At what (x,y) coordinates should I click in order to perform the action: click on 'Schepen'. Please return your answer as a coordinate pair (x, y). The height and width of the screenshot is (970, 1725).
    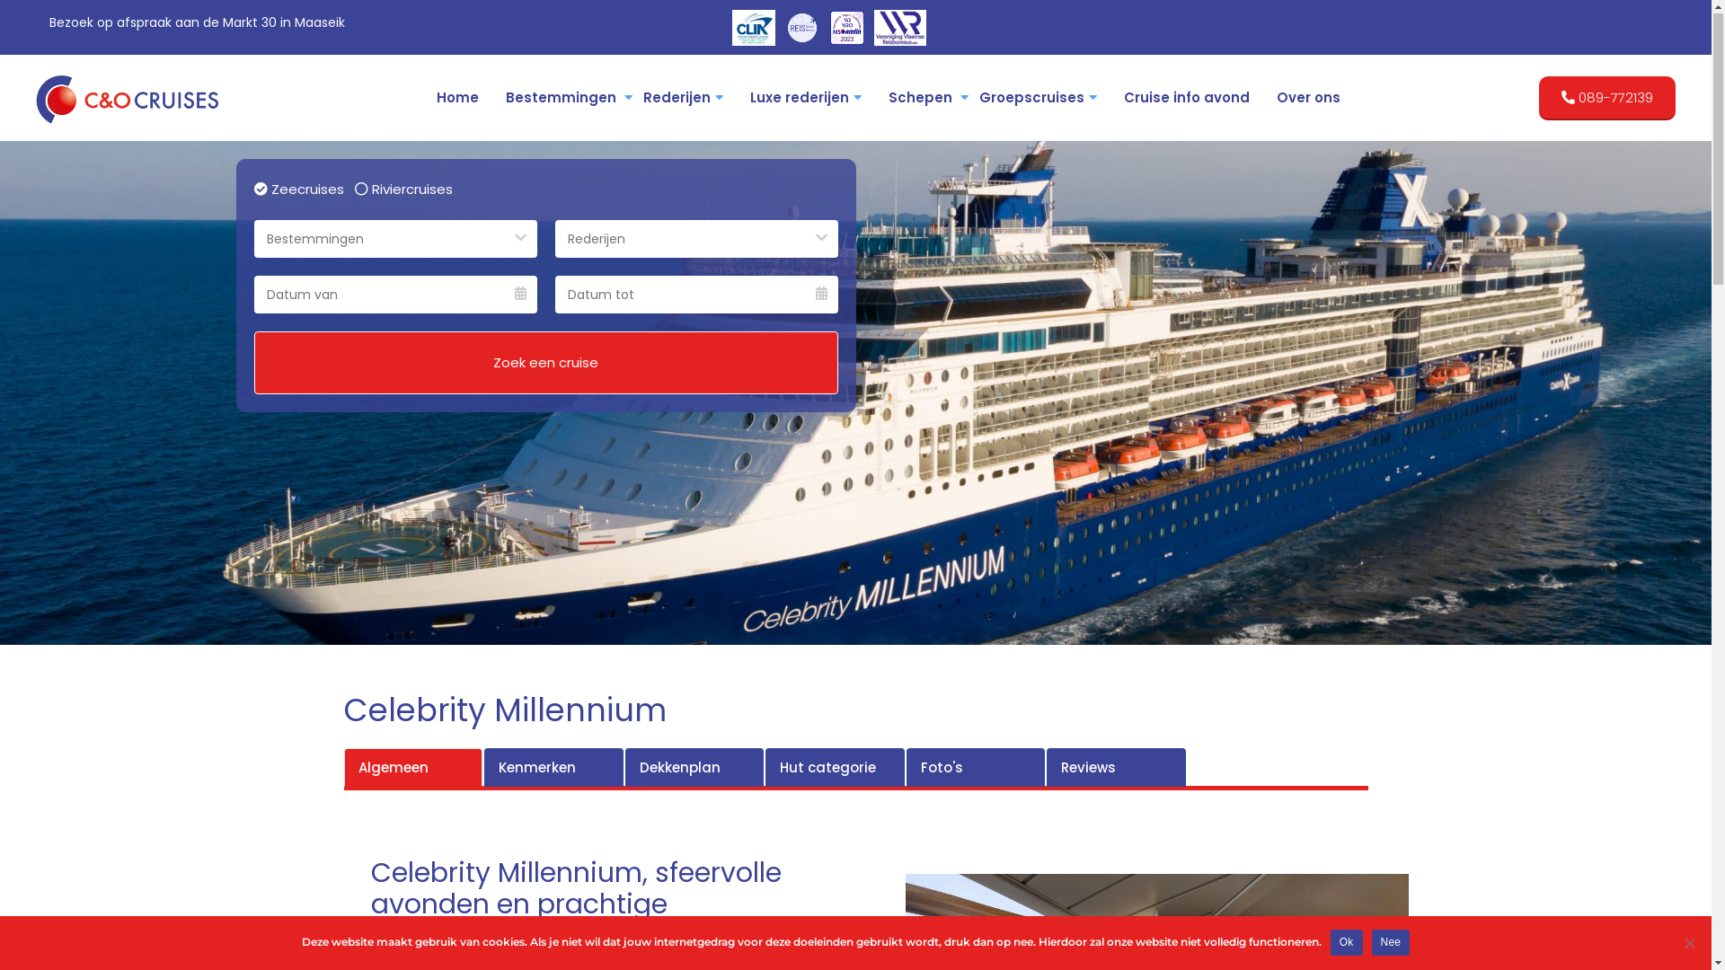
    Looking at the image, I should click on (920, 99).